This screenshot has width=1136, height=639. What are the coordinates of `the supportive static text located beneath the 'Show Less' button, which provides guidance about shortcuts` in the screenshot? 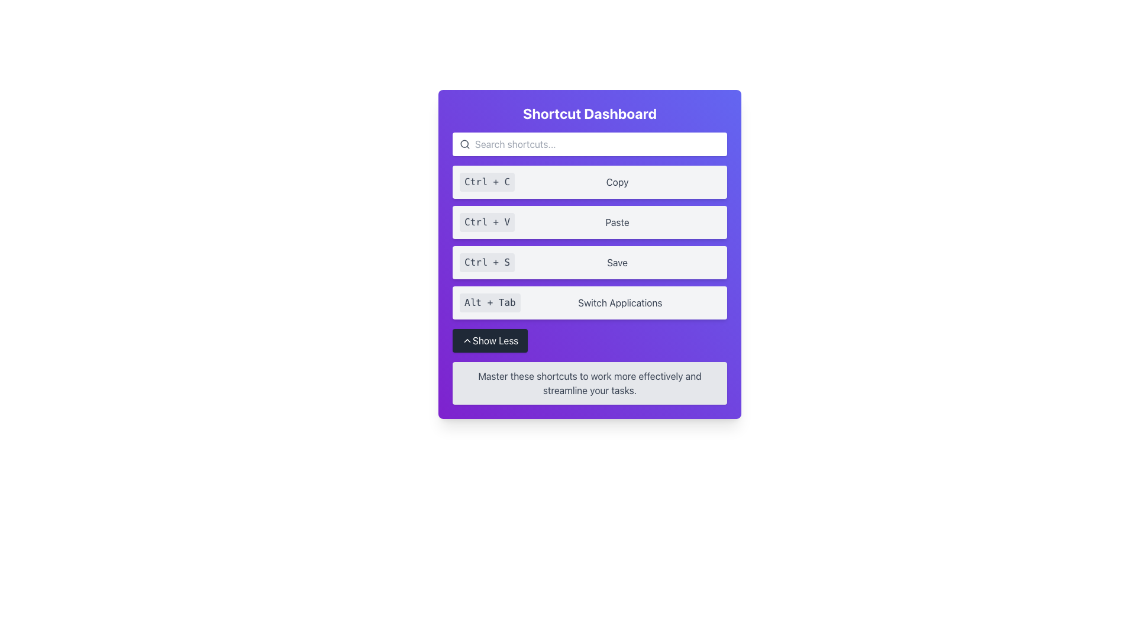 It's located at (590, 383).